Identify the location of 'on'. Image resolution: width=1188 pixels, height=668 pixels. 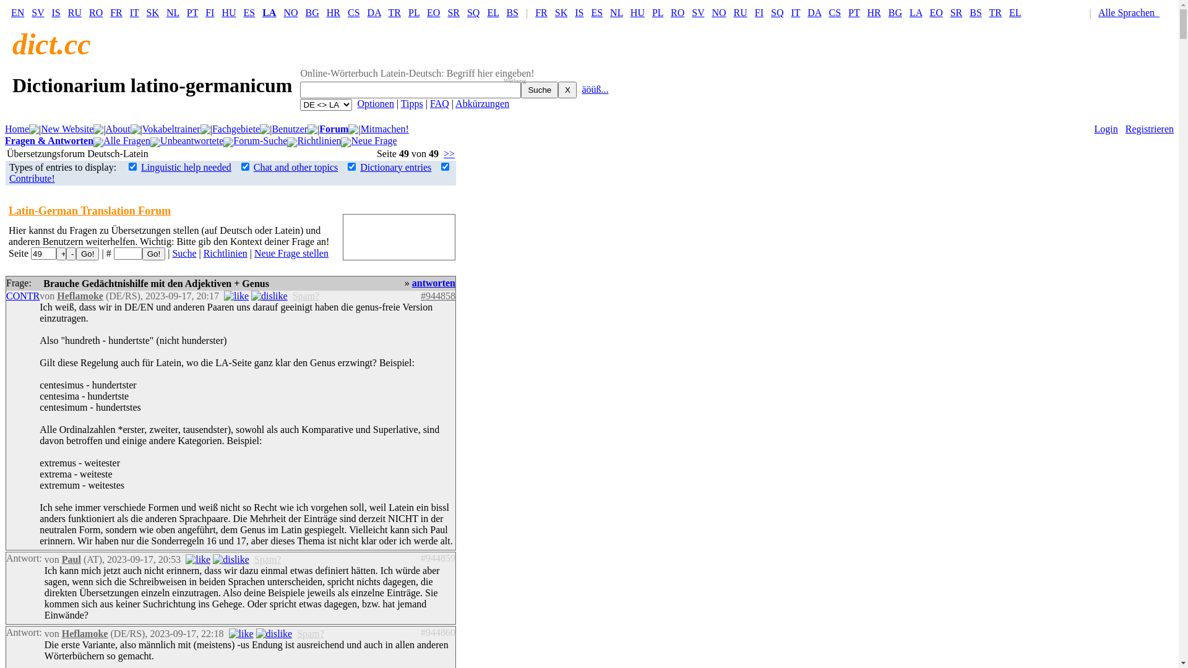
(245, 166).